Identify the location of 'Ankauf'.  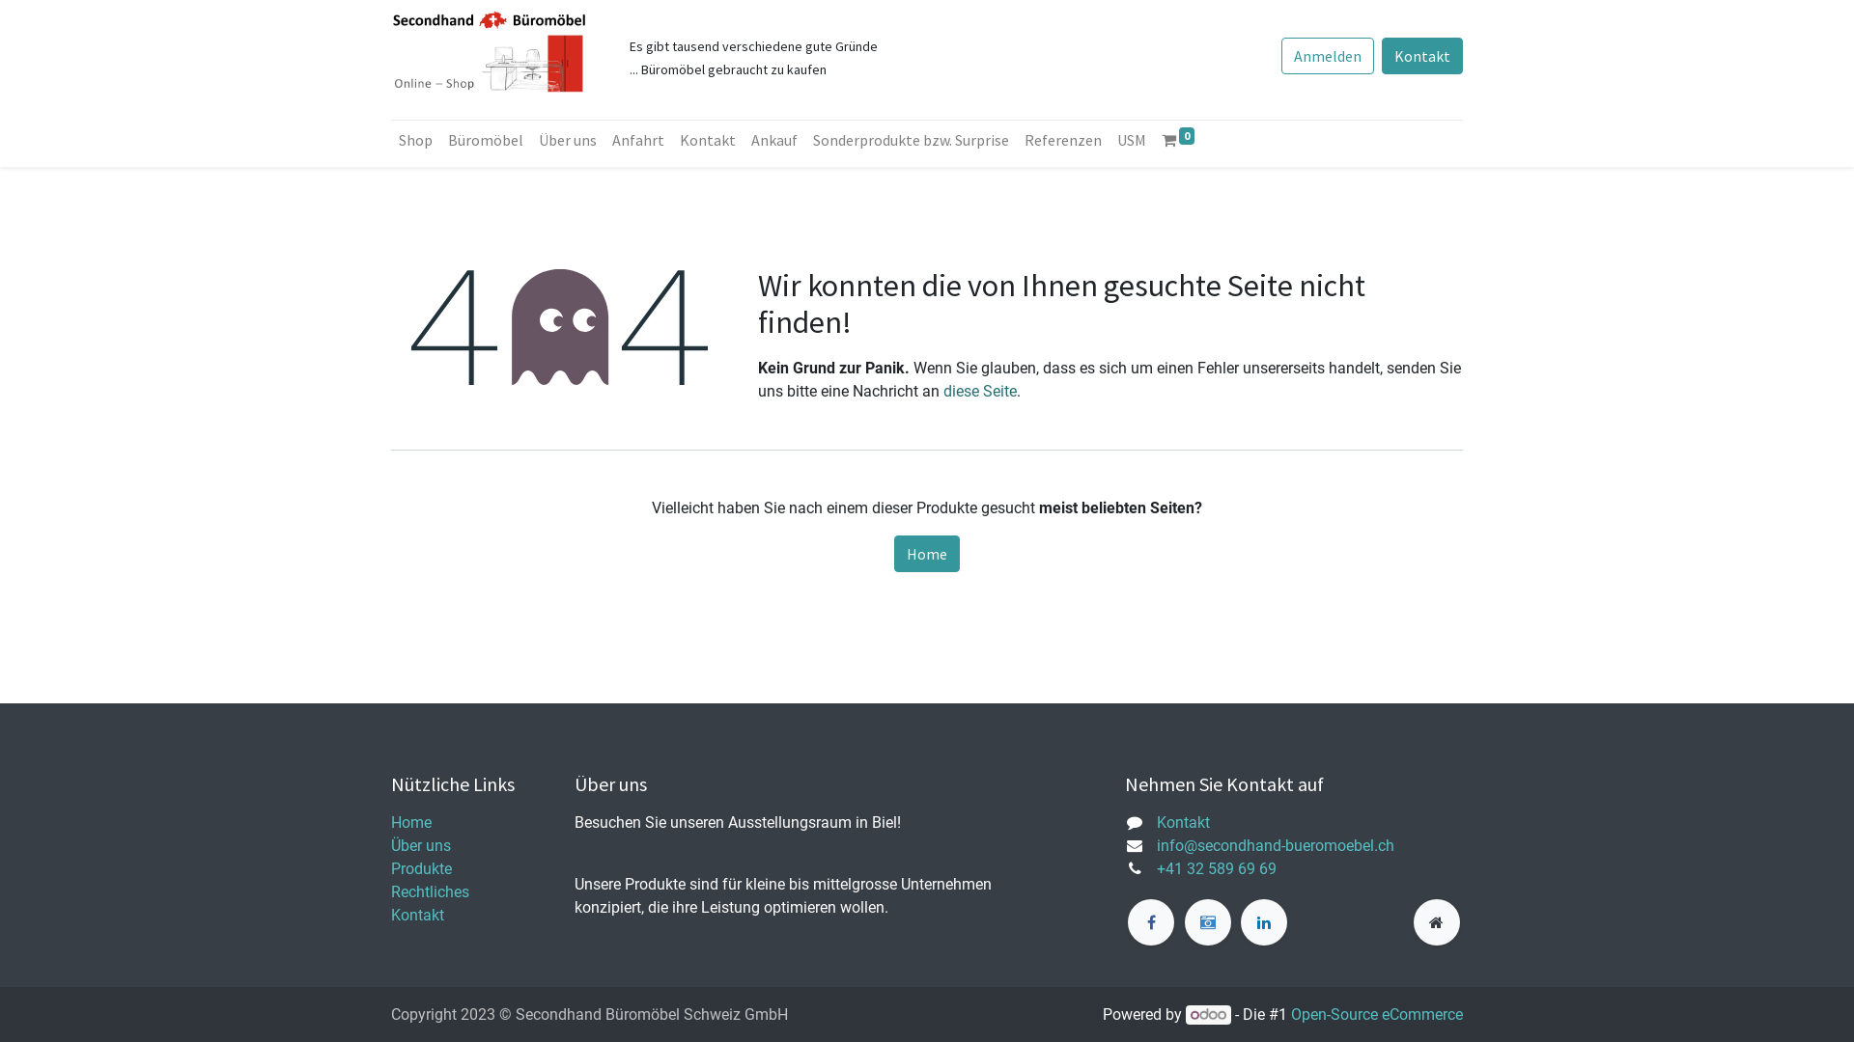
(773, 139).